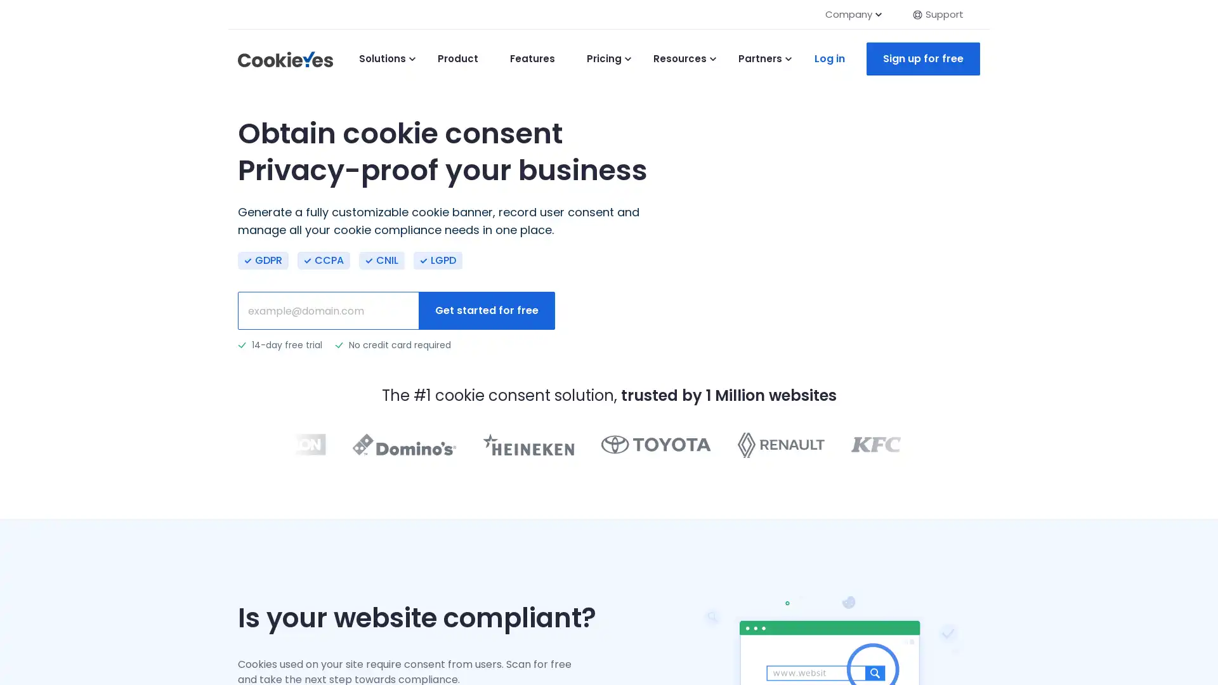  Describe the element at coordinates (247, 632) in the screenshot. I see `Accept All` at that location.